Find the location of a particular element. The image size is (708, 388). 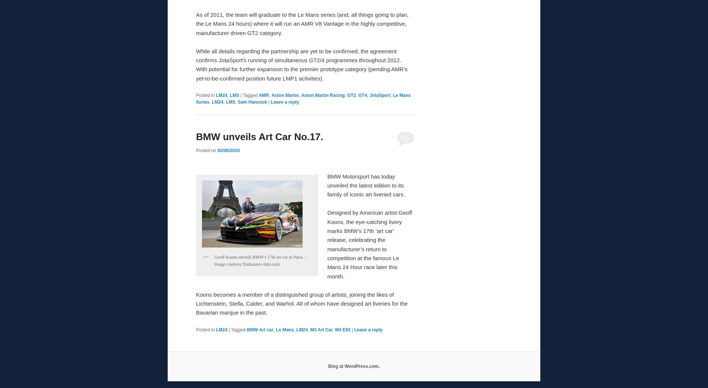

'BMW Motorsport has today unveiled the latest edition to its family of iconic art liveried cars.' is located at coordinates (326, 184).